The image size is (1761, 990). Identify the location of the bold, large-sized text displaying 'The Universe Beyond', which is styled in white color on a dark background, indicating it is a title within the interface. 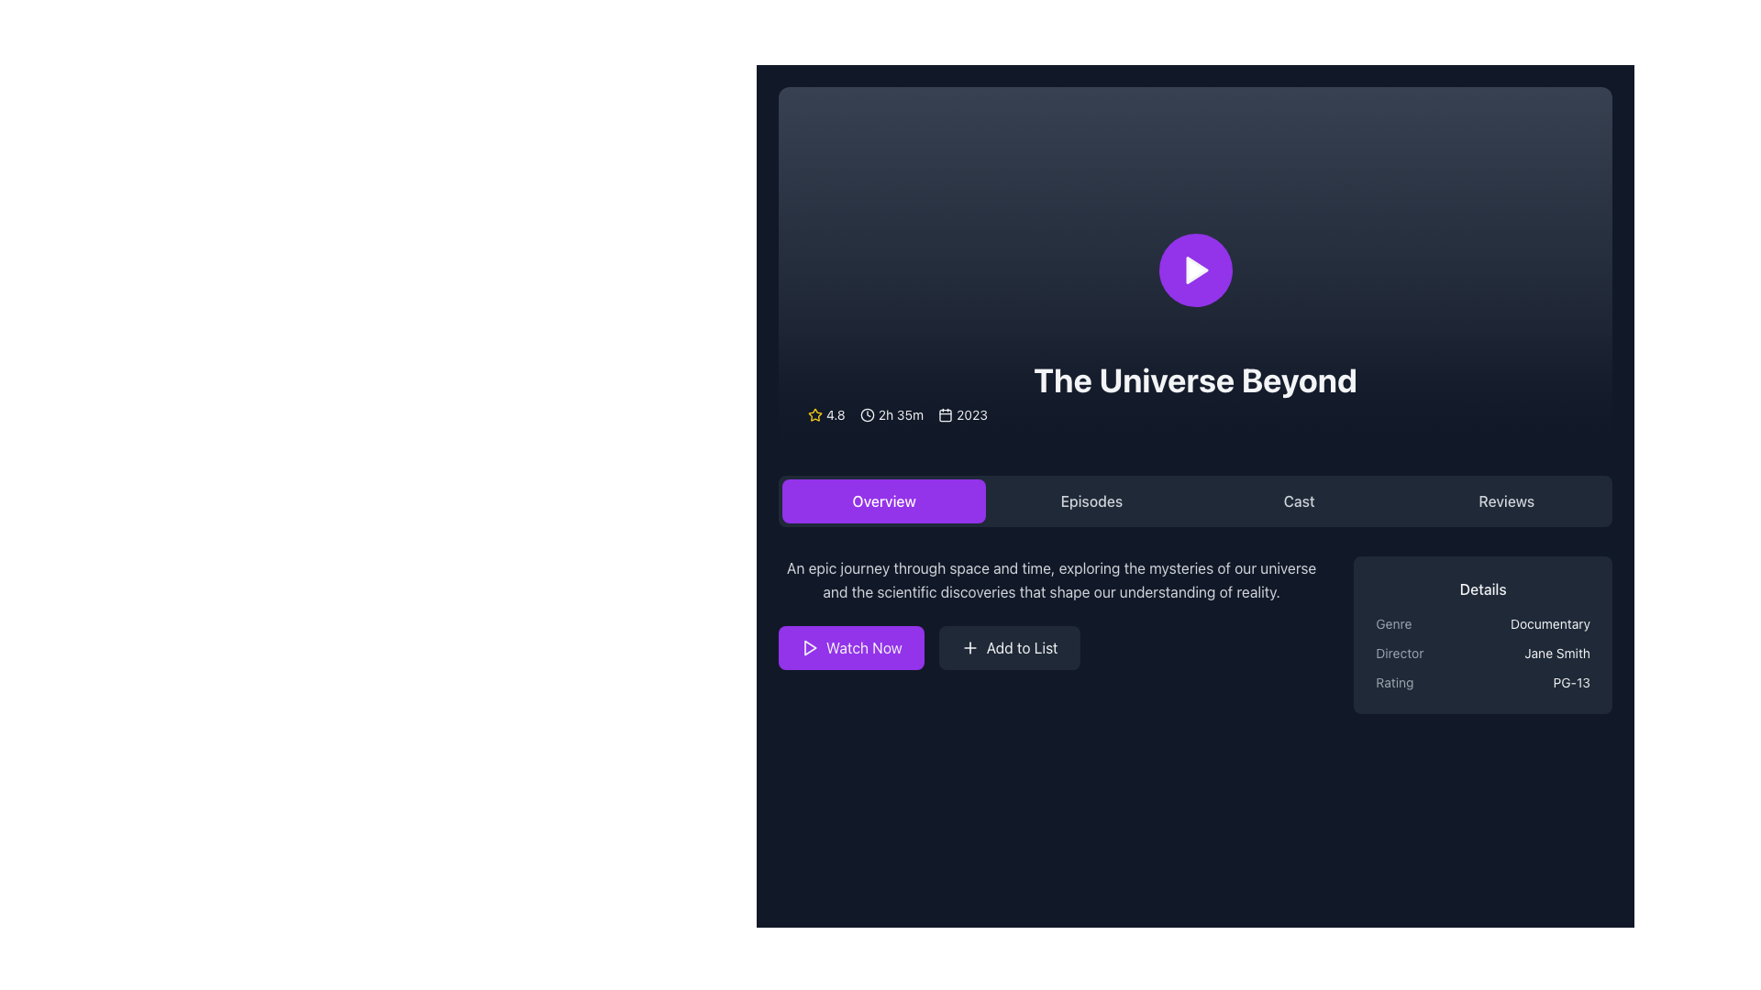
(1195, 379).